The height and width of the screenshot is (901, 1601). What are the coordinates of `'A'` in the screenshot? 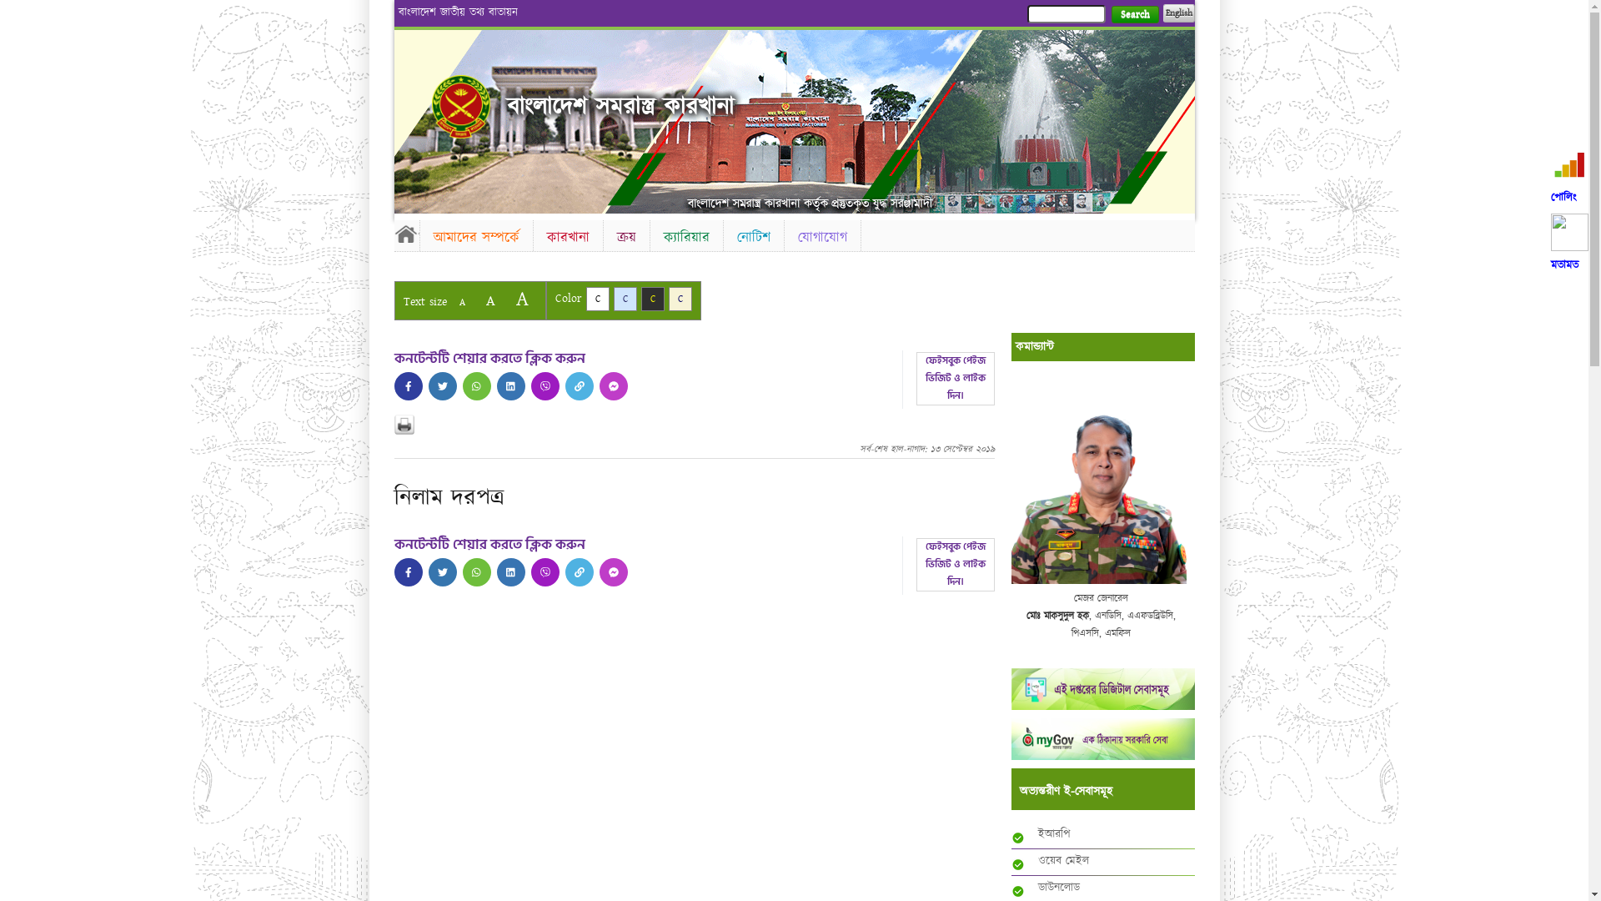 It's located at (461, 302).